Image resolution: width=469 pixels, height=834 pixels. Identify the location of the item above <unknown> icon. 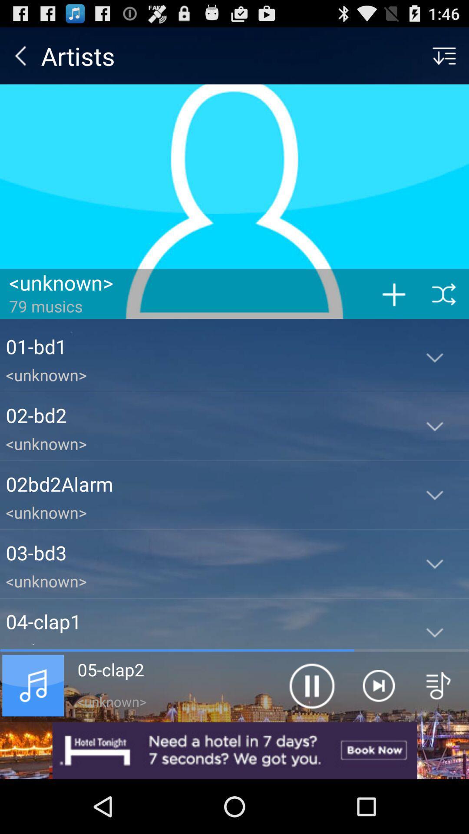
(203, 552).